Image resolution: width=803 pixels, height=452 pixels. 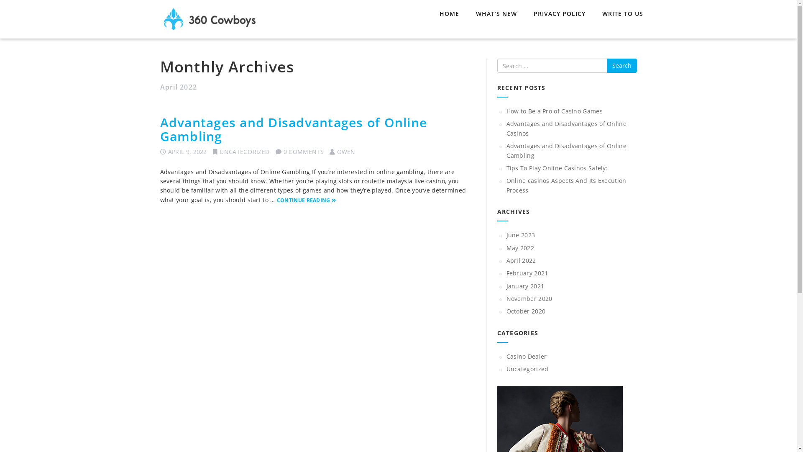 I want to click on 'UNCATEGORIZED', so click(x=244, y=152).